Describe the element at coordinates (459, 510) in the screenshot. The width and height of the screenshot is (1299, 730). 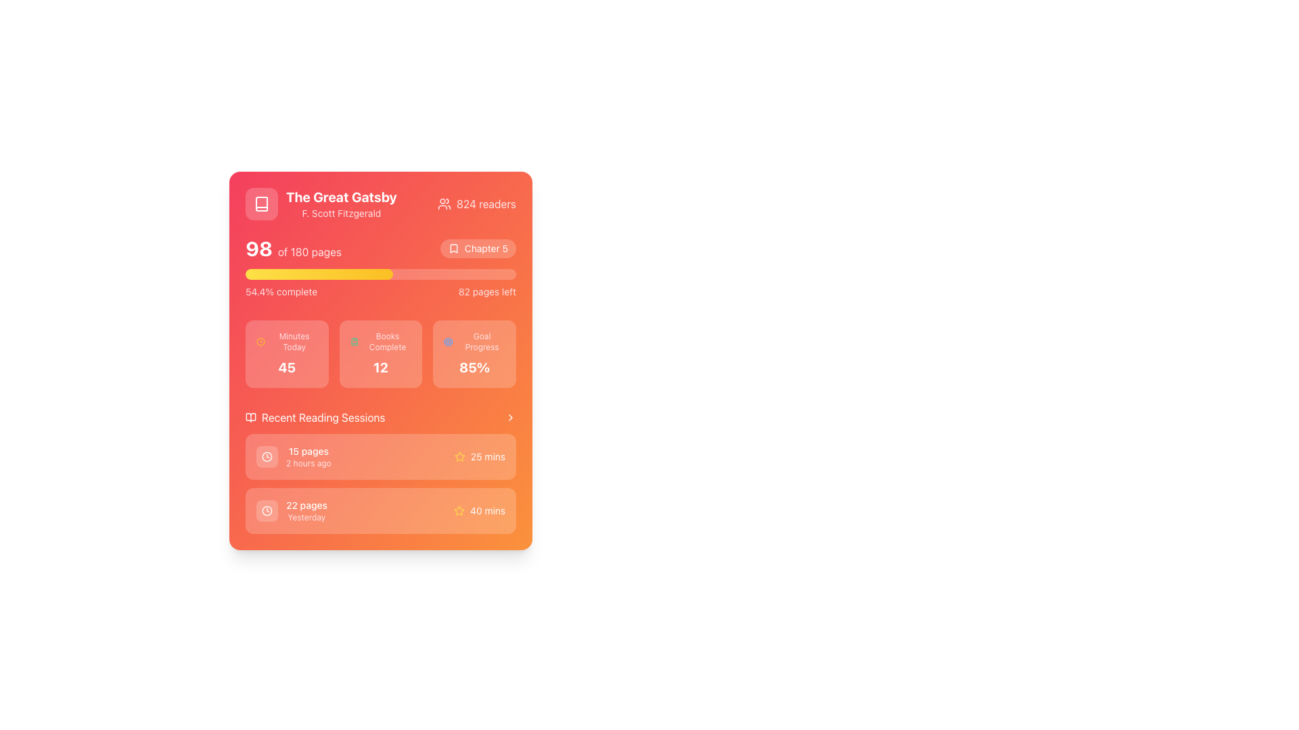
I see `the yellow star-shaped icon located next to the text '25 mins' under the 'Recent Reading Sessions' section` at that location.